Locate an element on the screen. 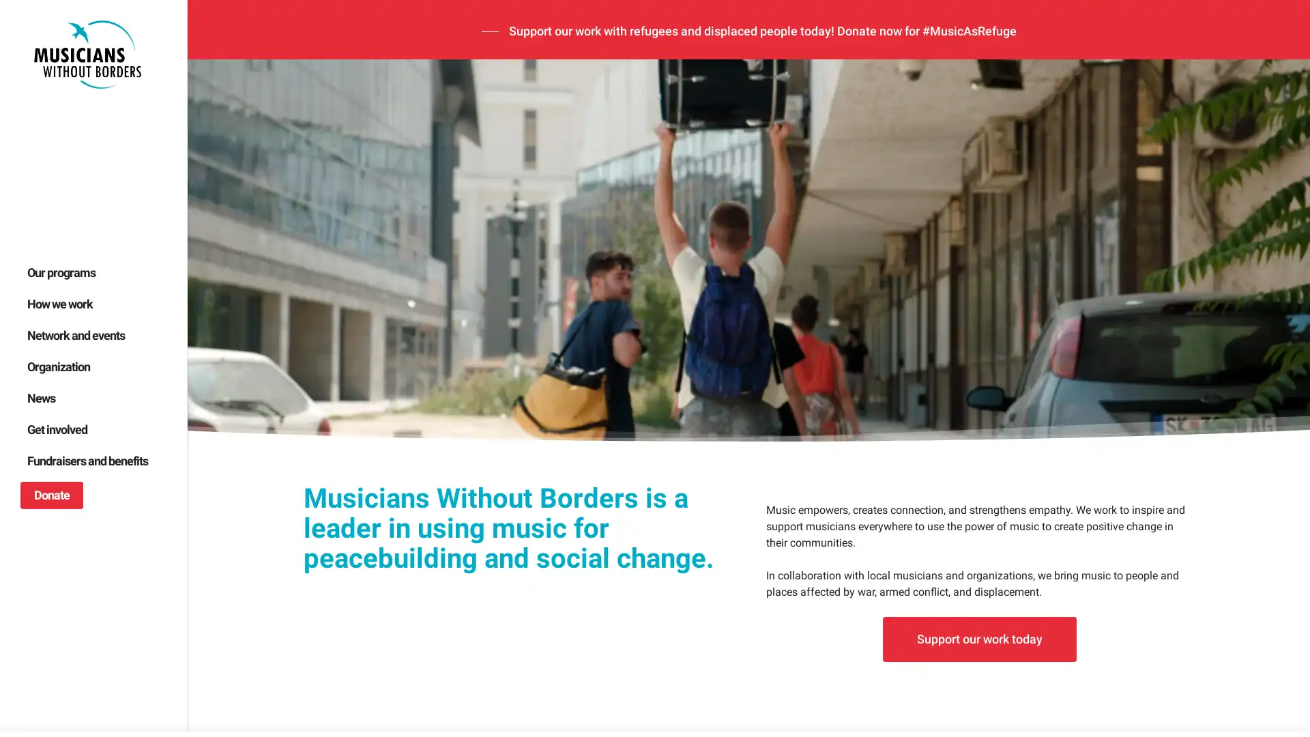 The image size is (1310, 737). enter full screen is located at coordinates (1234, 540).